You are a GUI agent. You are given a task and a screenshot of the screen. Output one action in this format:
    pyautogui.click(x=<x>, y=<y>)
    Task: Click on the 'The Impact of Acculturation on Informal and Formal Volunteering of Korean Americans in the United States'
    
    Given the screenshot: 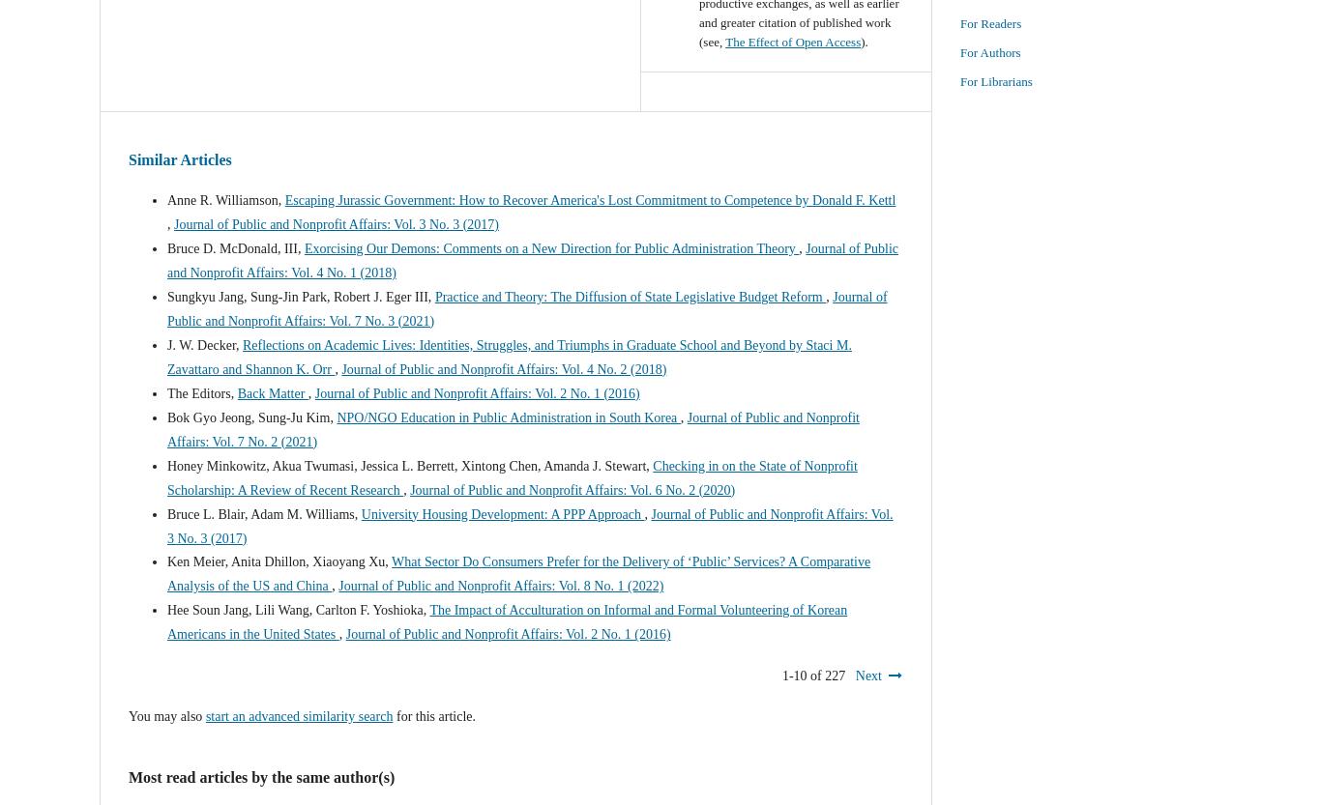 What is the action you would take?
    pyautogui.click(x=507, y=621)
    